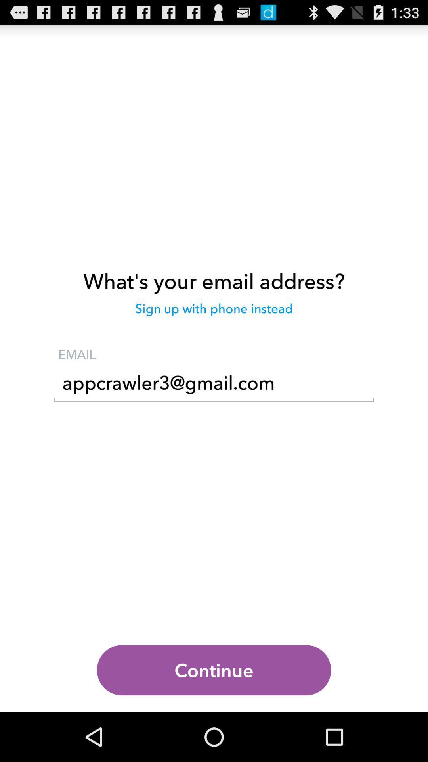 This screenshot has width=428, height=762. Describe the element at coordinates (214, 312) in the screenshot. I see `icon above the email icon` at that location.